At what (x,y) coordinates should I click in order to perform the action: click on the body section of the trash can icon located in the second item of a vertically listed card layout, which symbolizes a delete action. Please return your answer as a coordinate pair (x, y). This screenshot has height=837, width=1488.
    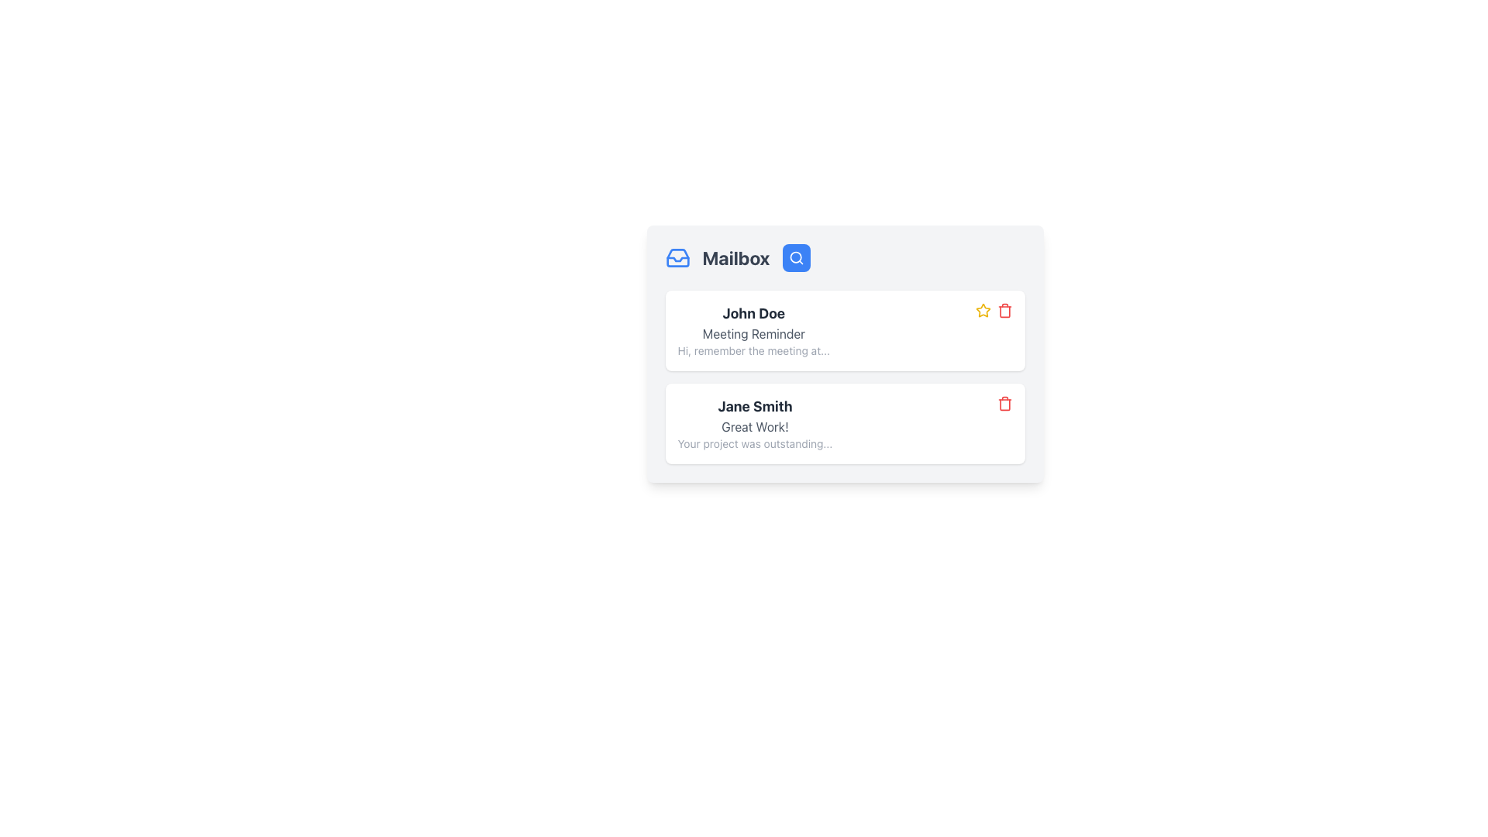
    Looking at the image, I should click on (1004, 404).